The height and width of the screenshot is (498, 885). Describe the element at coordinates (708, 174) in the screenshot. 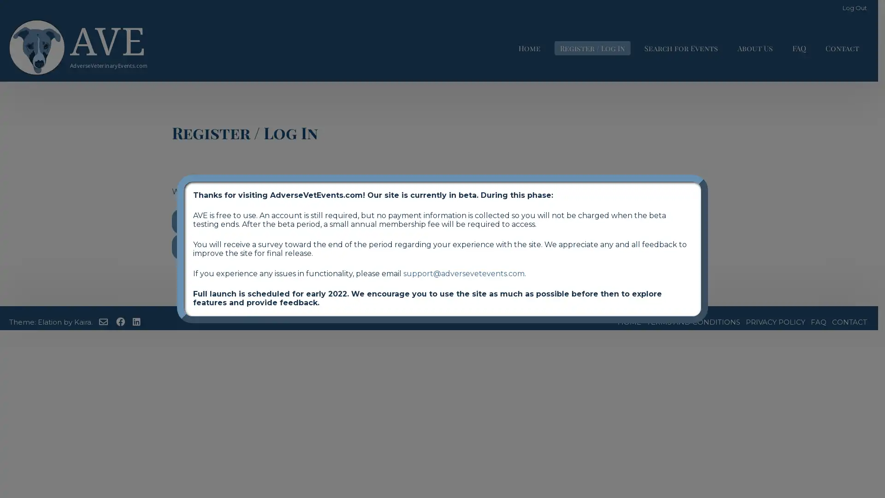

I see `Close` at that location.